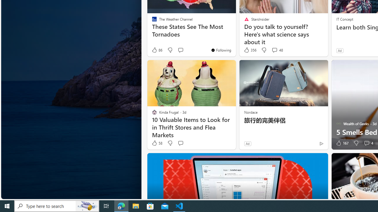 The width and height of the screenshot is (378, 212). Describe the element at coordinates (321, 143) in the screenshot. I see `'Ad Choice'` at that location.